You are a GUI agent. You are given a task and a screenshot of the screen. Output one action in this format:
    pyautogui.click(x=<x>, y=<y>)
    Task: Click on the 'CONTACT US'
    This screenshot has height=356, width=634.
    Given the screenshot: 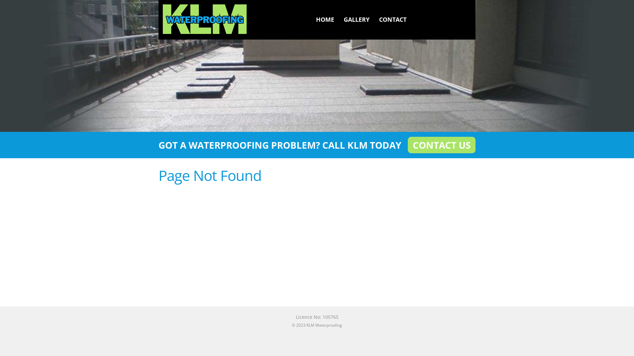 What is the action you would take?
    pyautogui.click(x=441, y=144)
    